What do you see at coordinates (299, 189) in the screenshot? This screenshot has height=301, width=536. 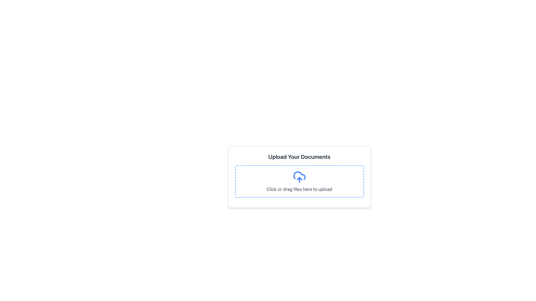 I see `text from the Text Label that says 'Click or drag files here to upload', which is styled in gray color and located in the file upload section below a blue cloud upload icon` at bounding box center [299, 189].